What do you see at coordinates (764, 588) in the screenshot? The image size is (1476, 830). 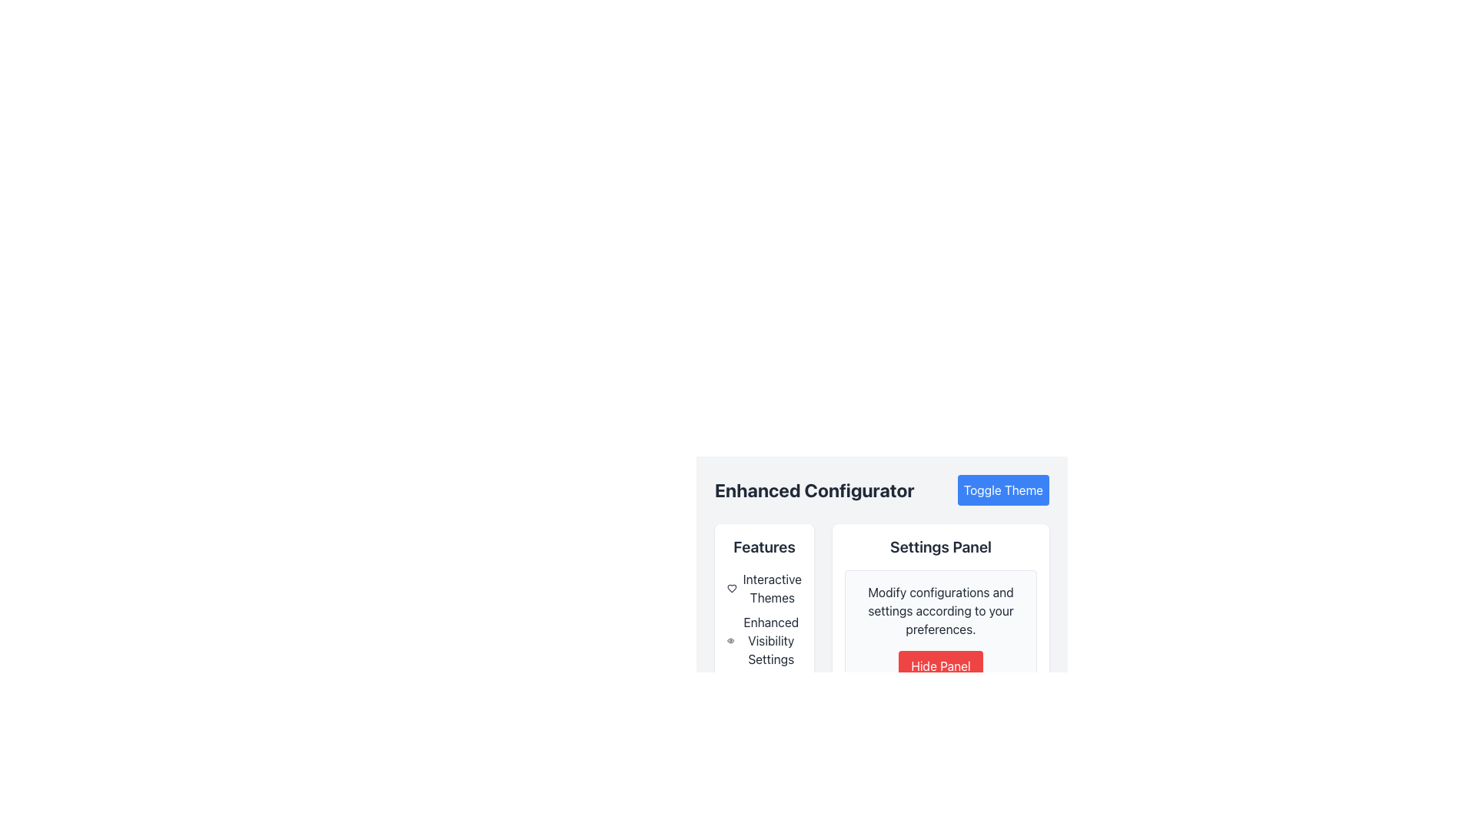 I see `the 'Interactive Themes' text label with heart icon located under the 'Features' section in the left panel` at bounding box center [764, 588].